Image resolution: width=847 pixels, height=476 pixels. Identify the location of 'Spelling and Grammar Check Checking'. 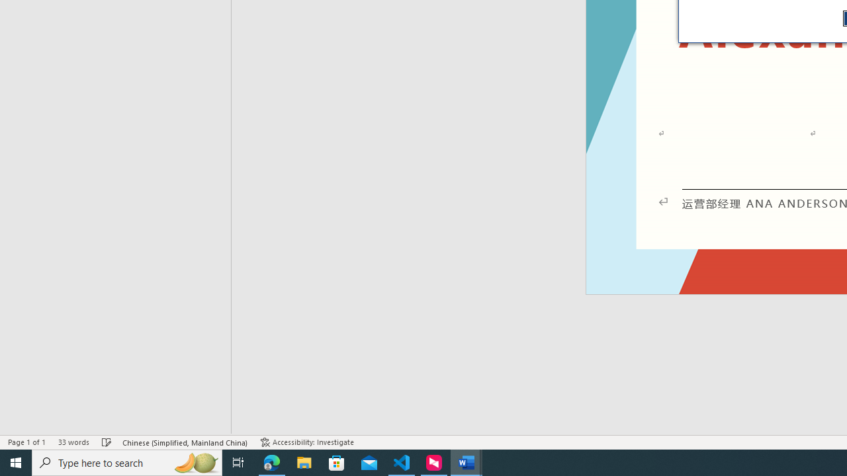
(107, 442).